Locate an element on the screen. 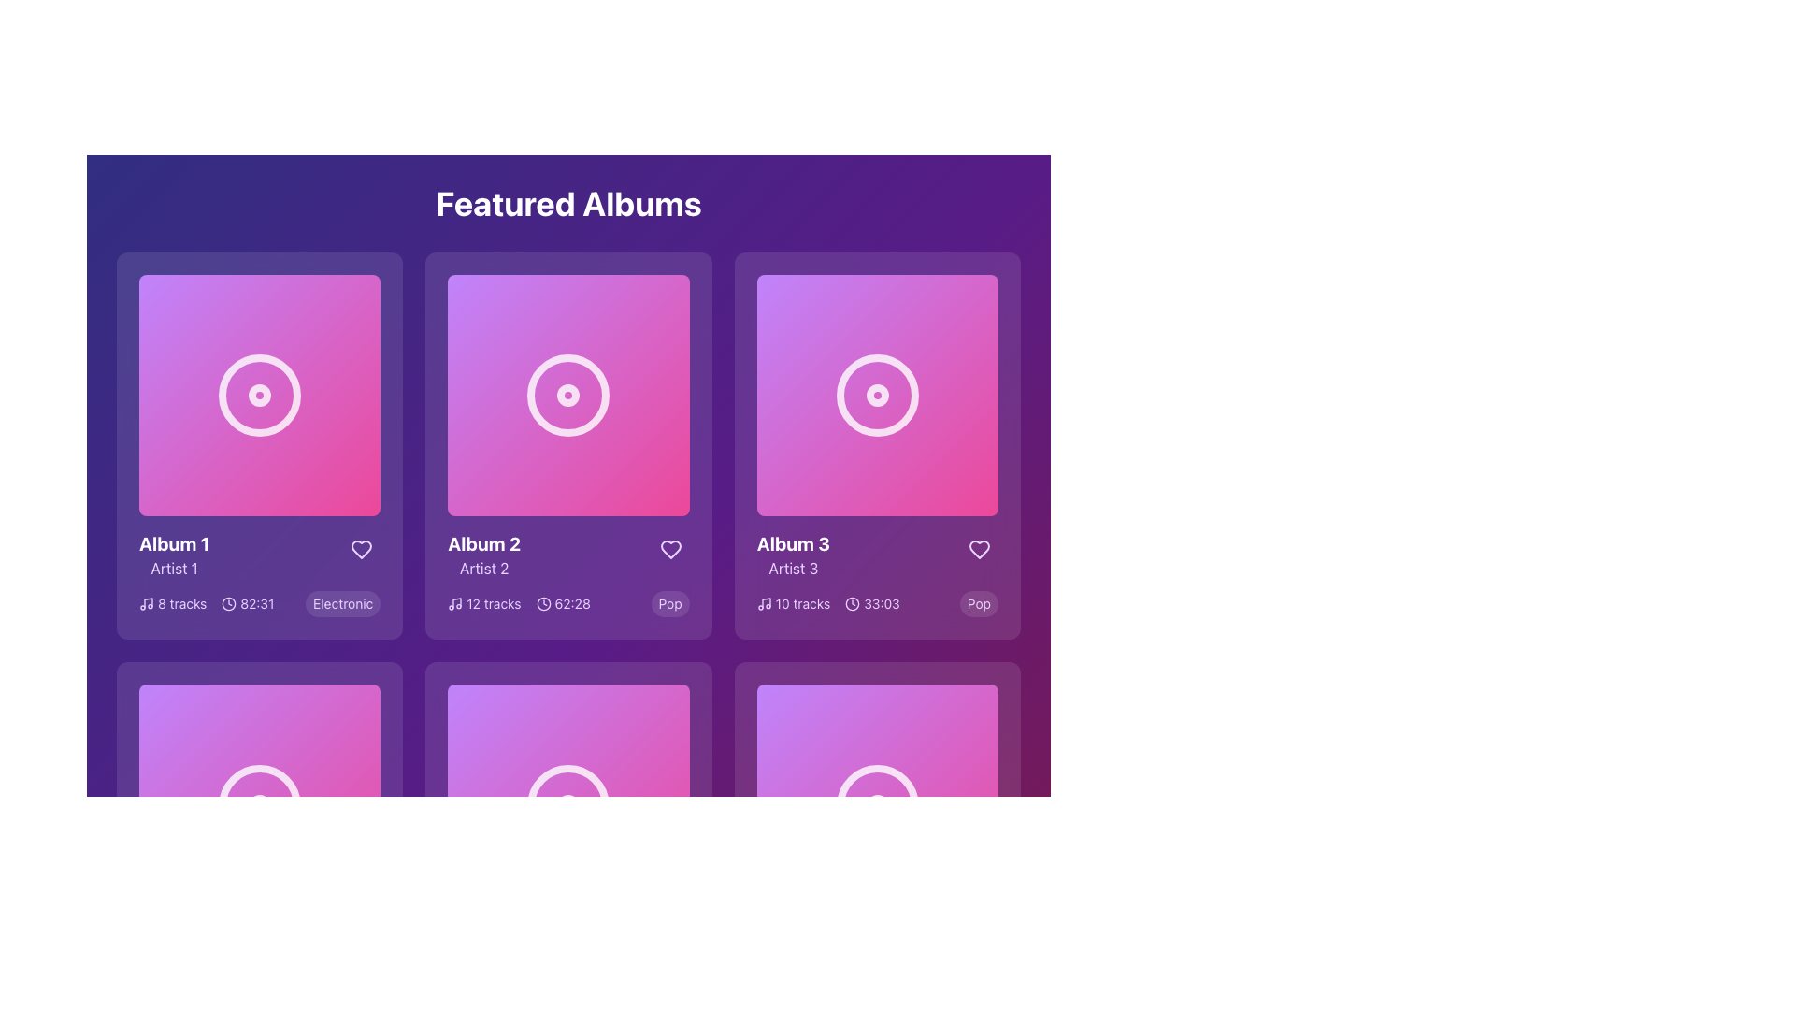  genre label indicating 'Pop' located in the bottom-right segment of the album description box for Album 3 is located at coordinates (978, 604).